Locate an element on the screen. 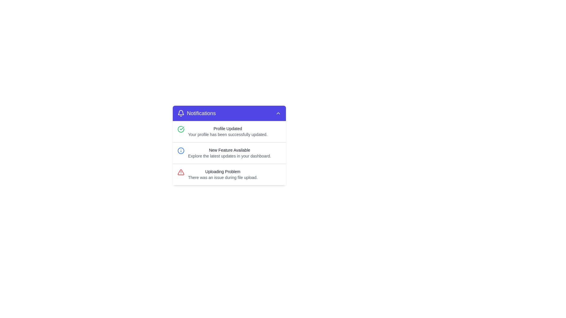  the appearance of the Success Icon located at the top-left corner of the first notification, which indicates a successful profile update operation is located at coordinates (181, 129).